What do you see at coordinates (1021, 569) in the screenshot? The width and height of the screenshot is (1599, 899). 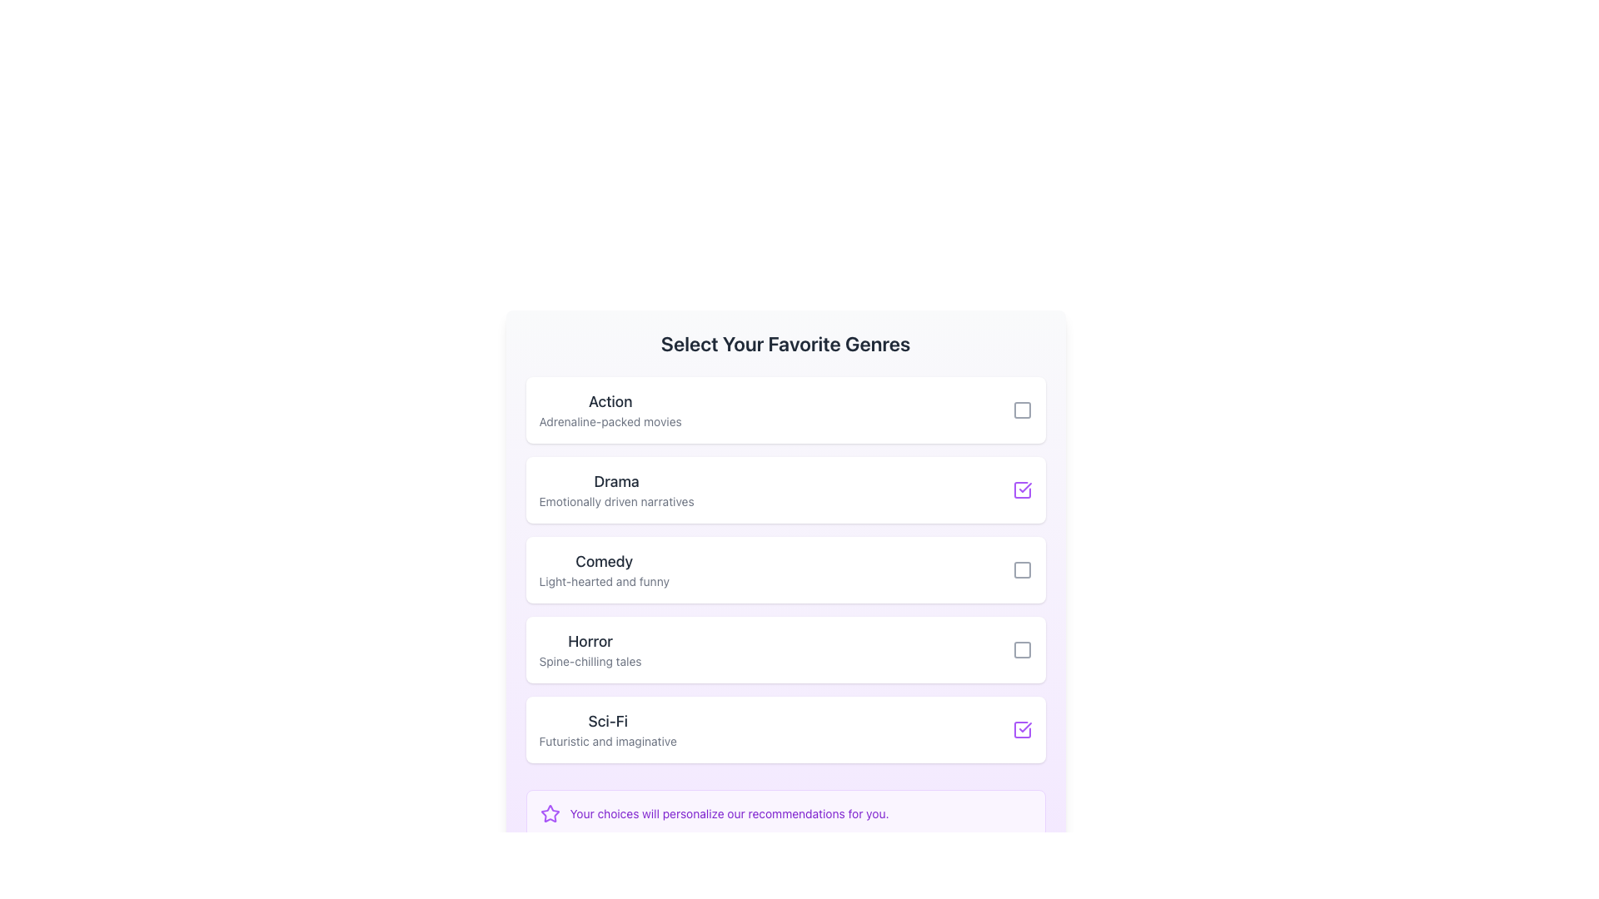 I see `the checkbox element for the 'Comedy' genre option, which serves as a selection indicator` at bounding box center [1021, 569].